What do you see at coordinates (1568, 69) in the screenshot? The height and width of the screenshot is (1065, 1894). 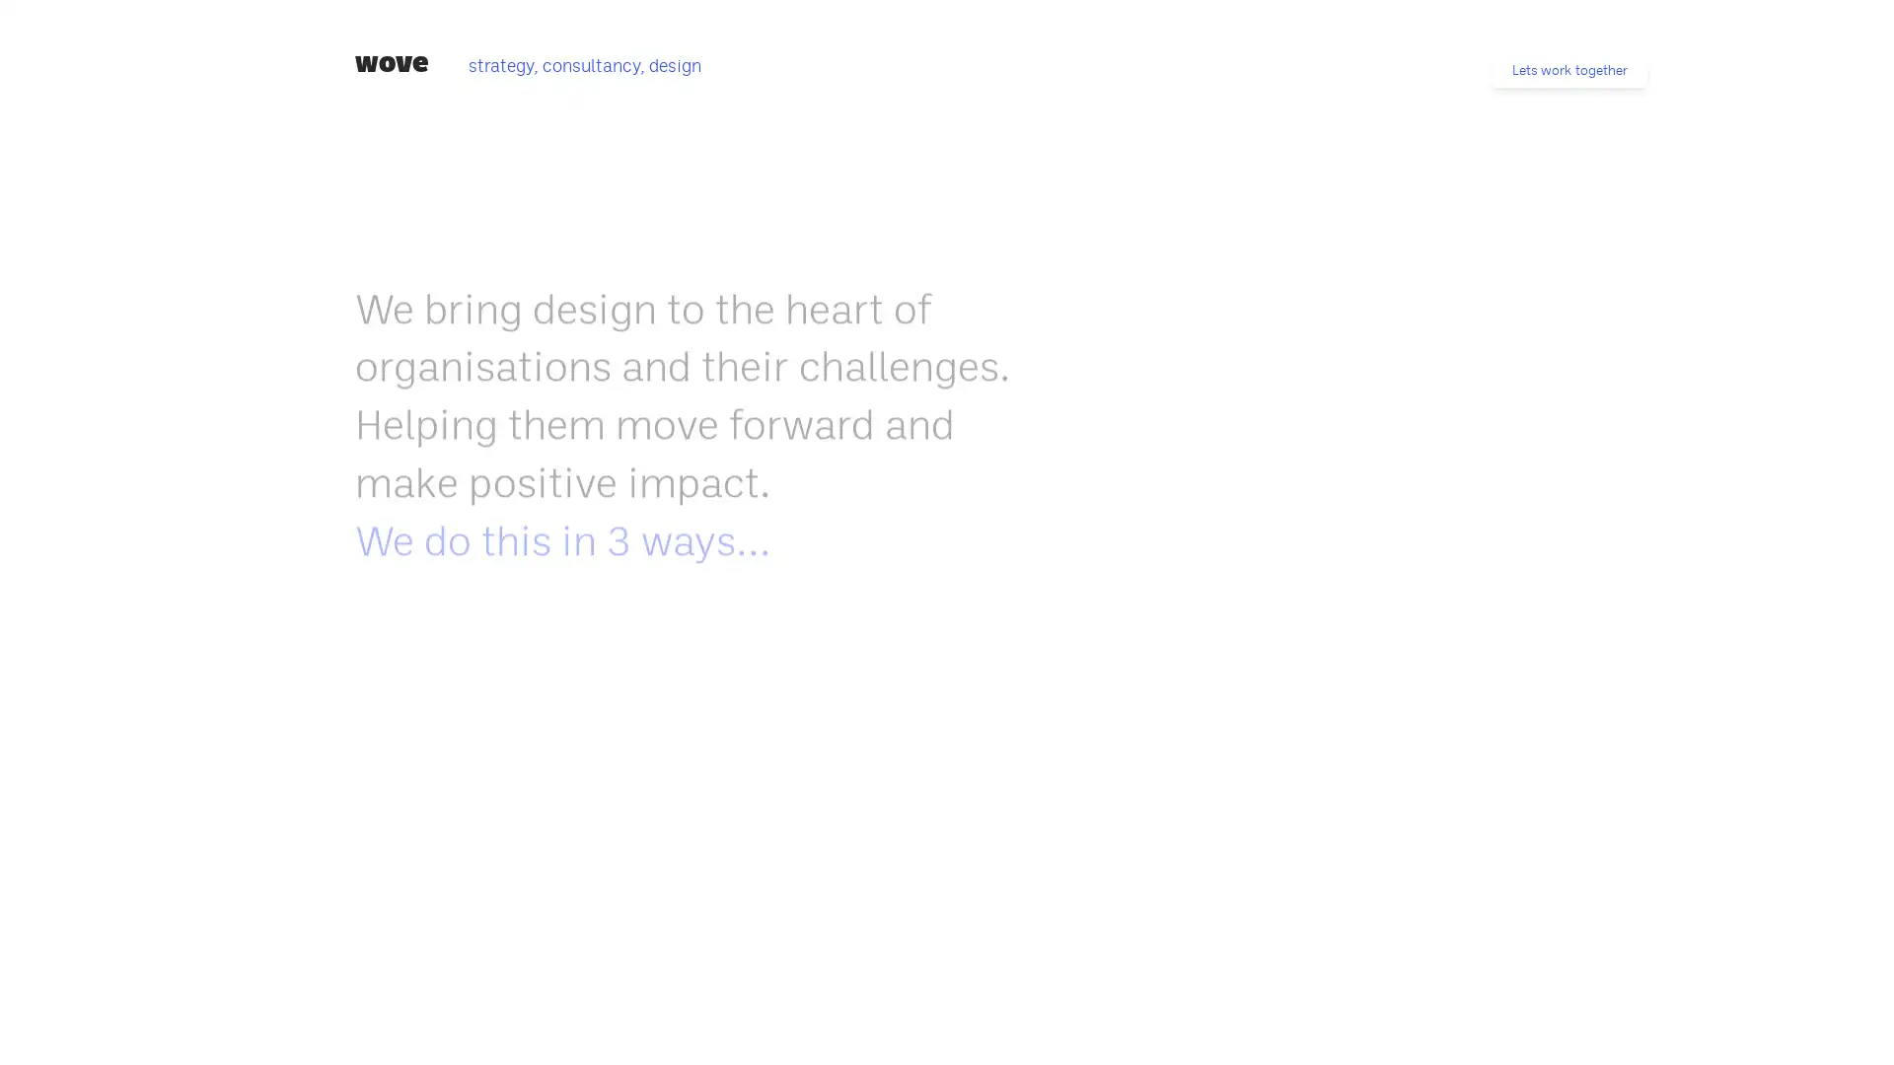 I see `Lets work together` at bounding box center [1568, 69].